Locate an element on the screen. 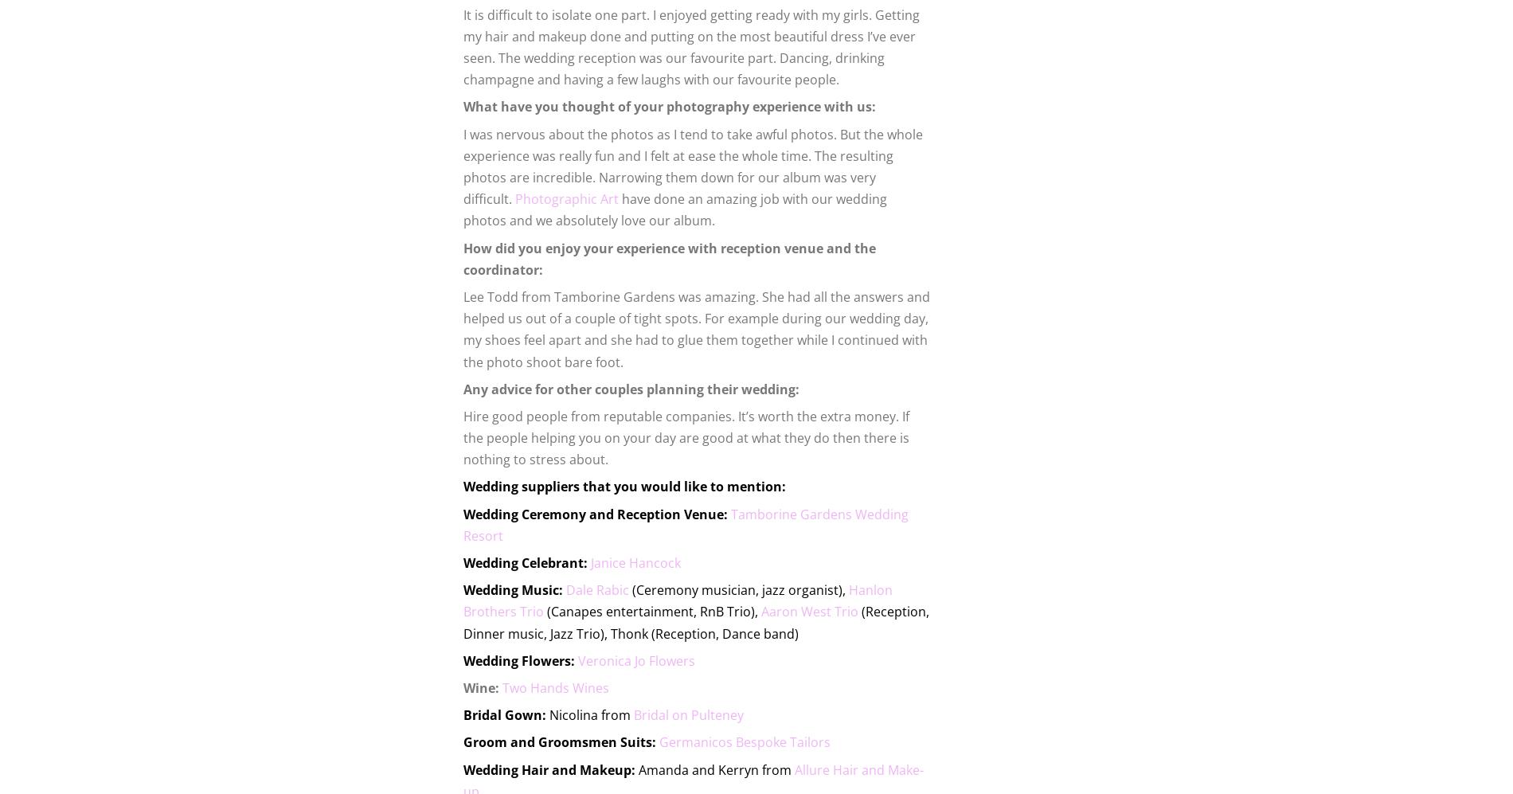  'Wedding Celebrant:' is located at coordinates (526, 561).